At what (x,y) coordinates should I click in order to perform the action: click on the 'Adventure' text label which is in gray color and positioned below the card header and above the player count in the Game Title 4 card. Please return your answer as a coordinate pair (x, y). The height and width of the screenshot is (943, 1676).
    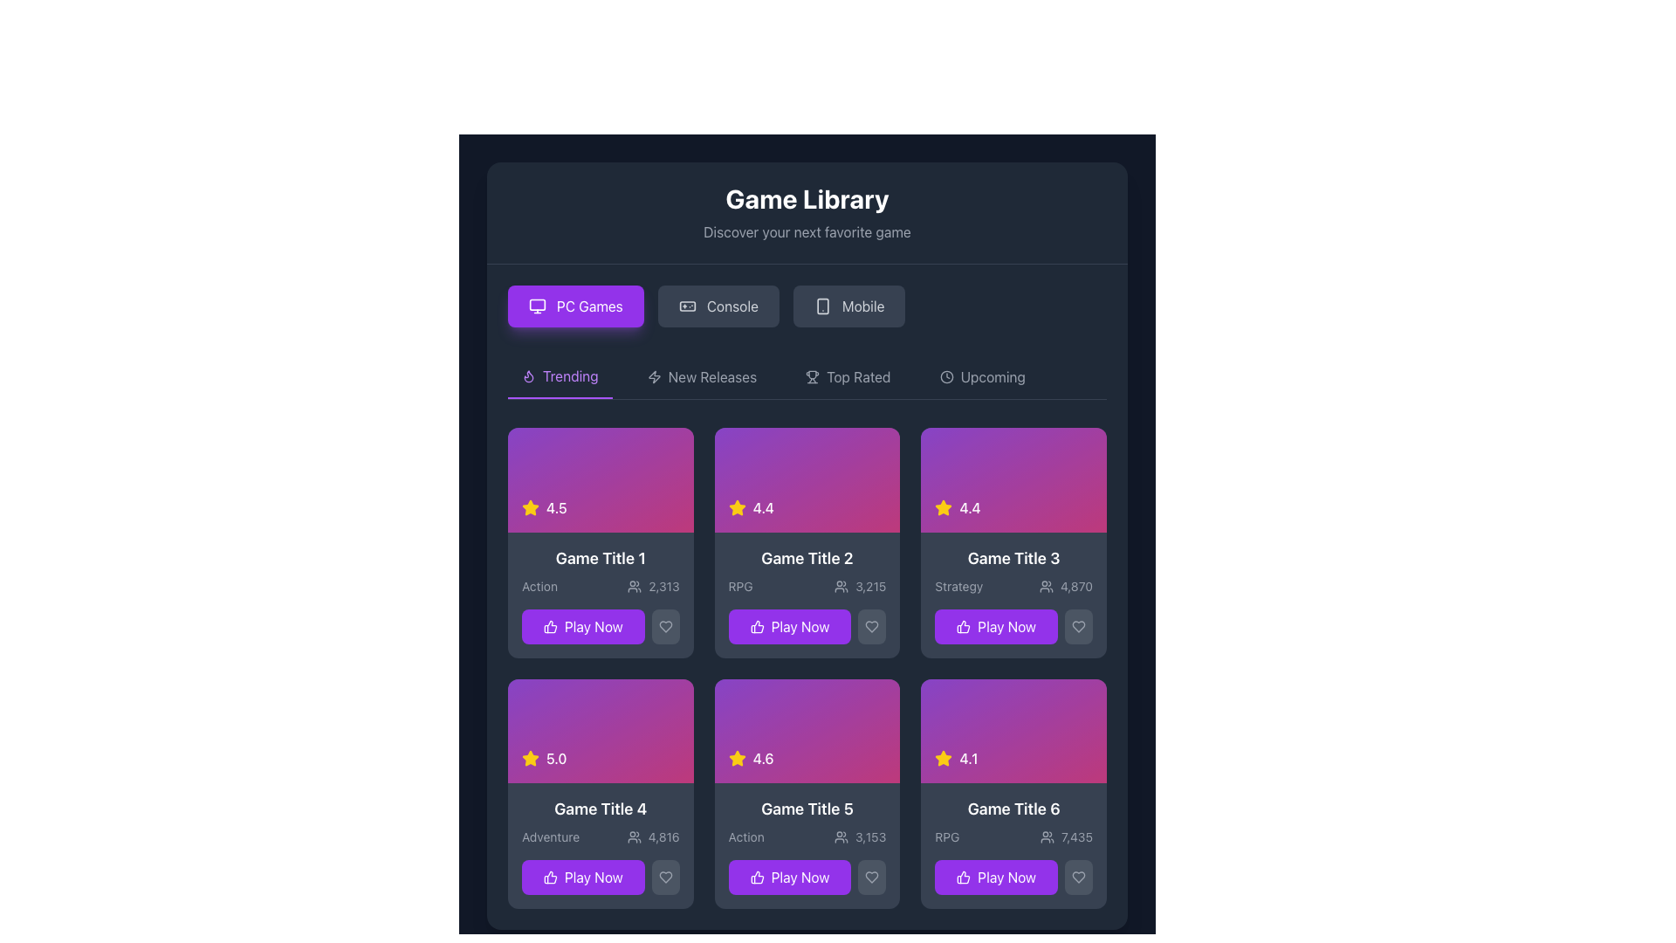
    Looking at the image, I should click on (550, 836).